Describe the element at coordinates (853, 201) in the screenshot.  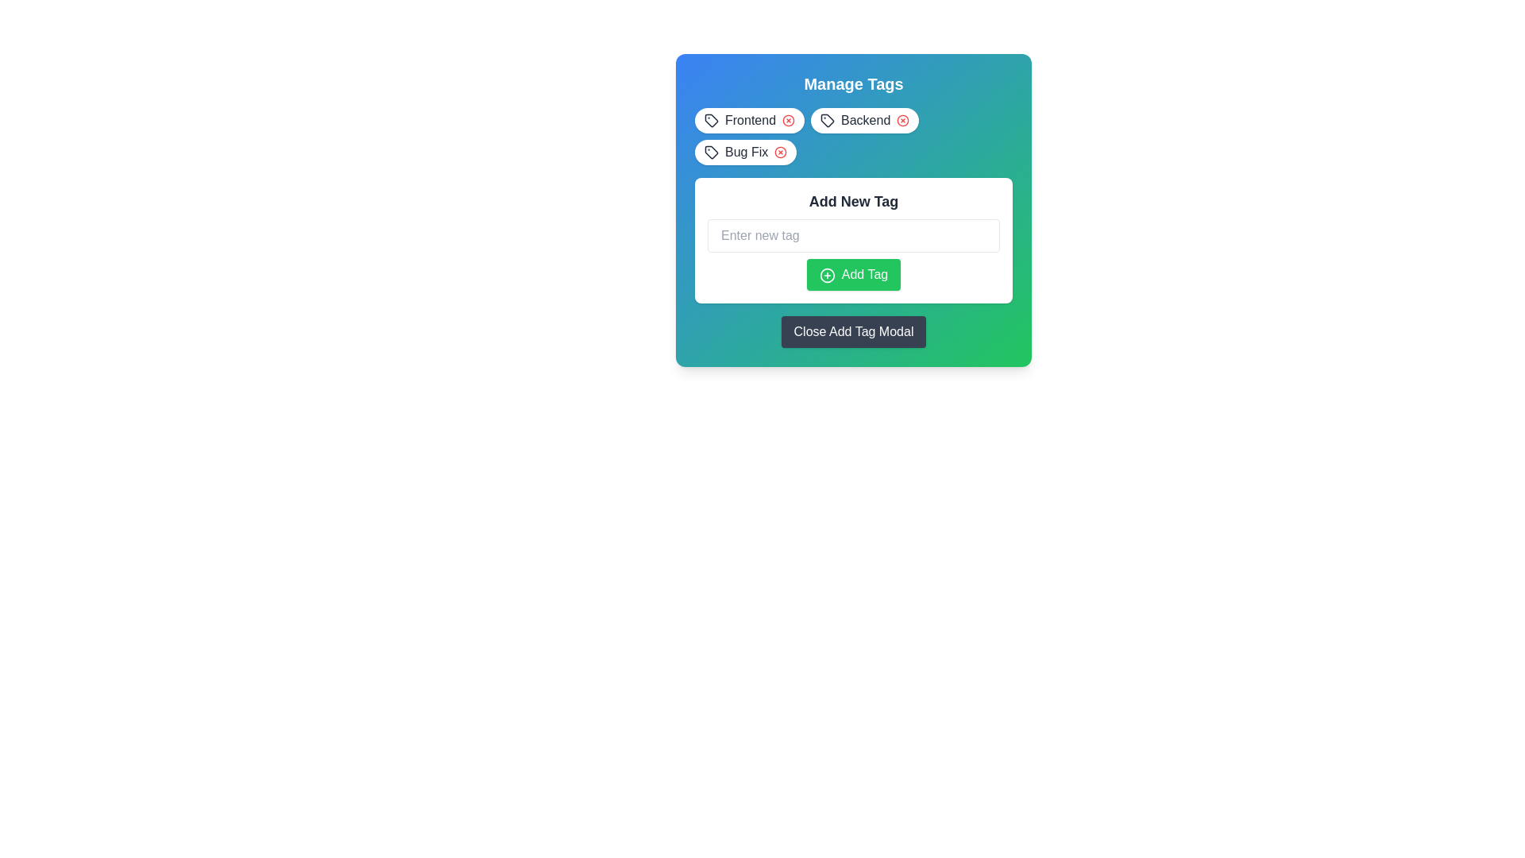
I see `the static text display that serves as a section title for adding a new tag, located at the top of its containing card in the modal interface` at that location.